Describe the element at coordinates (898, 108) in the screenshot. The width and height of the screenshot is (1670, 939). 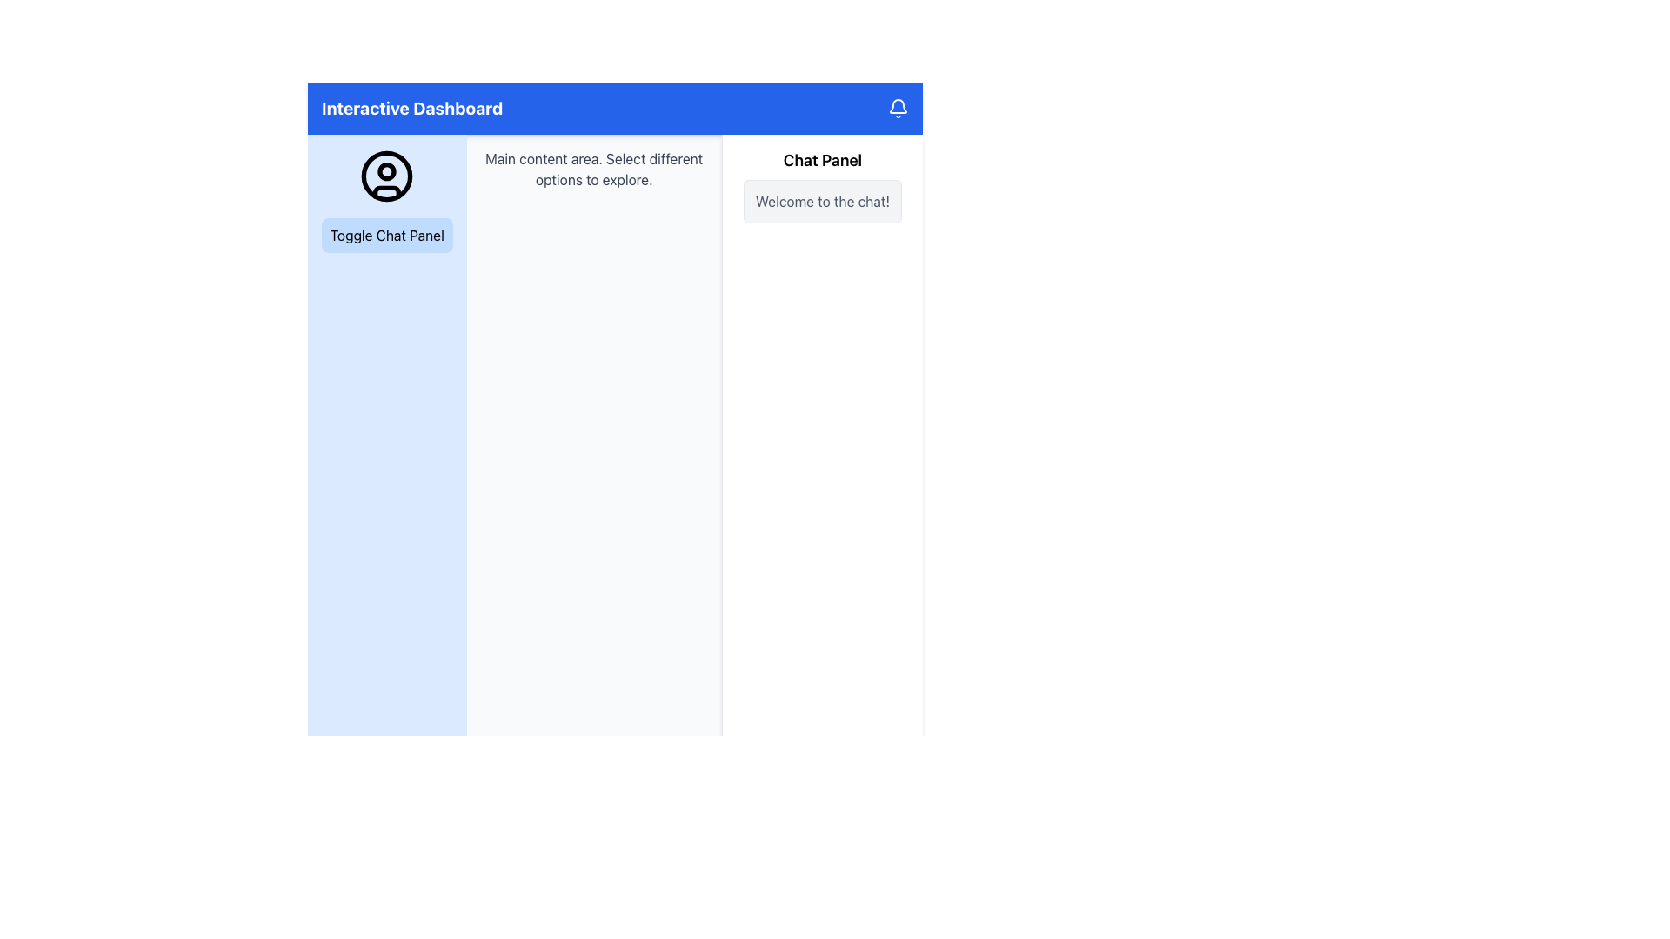
I see `the notification icon, which is a bell outlined with a white border, located in the blue rectangular bar at the top right of the interface` at that location.